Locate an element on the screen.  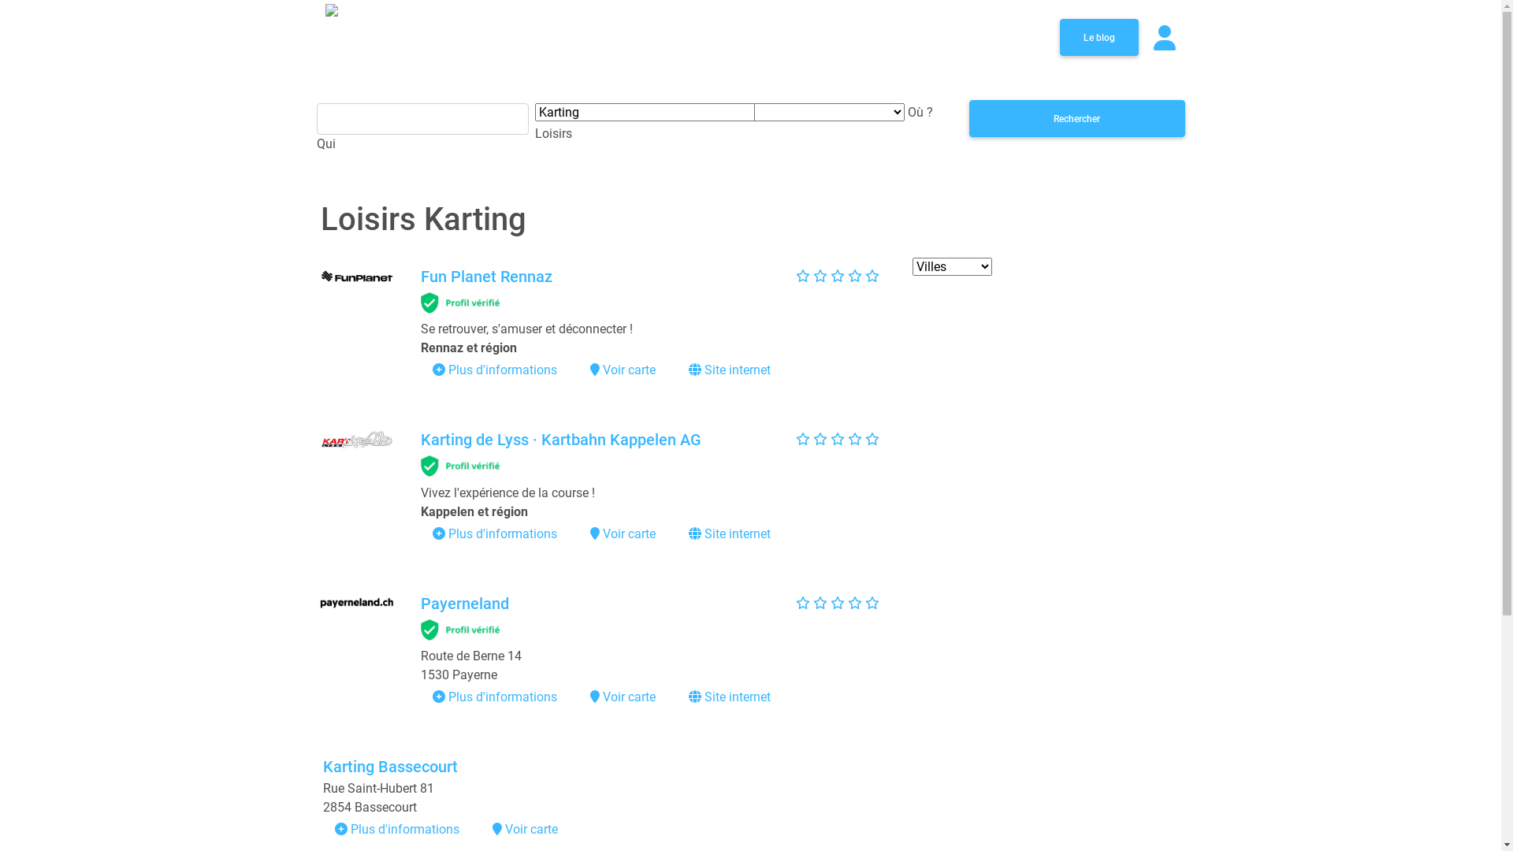
'Karting Bassecourt' is located at coordinates (390, 765).